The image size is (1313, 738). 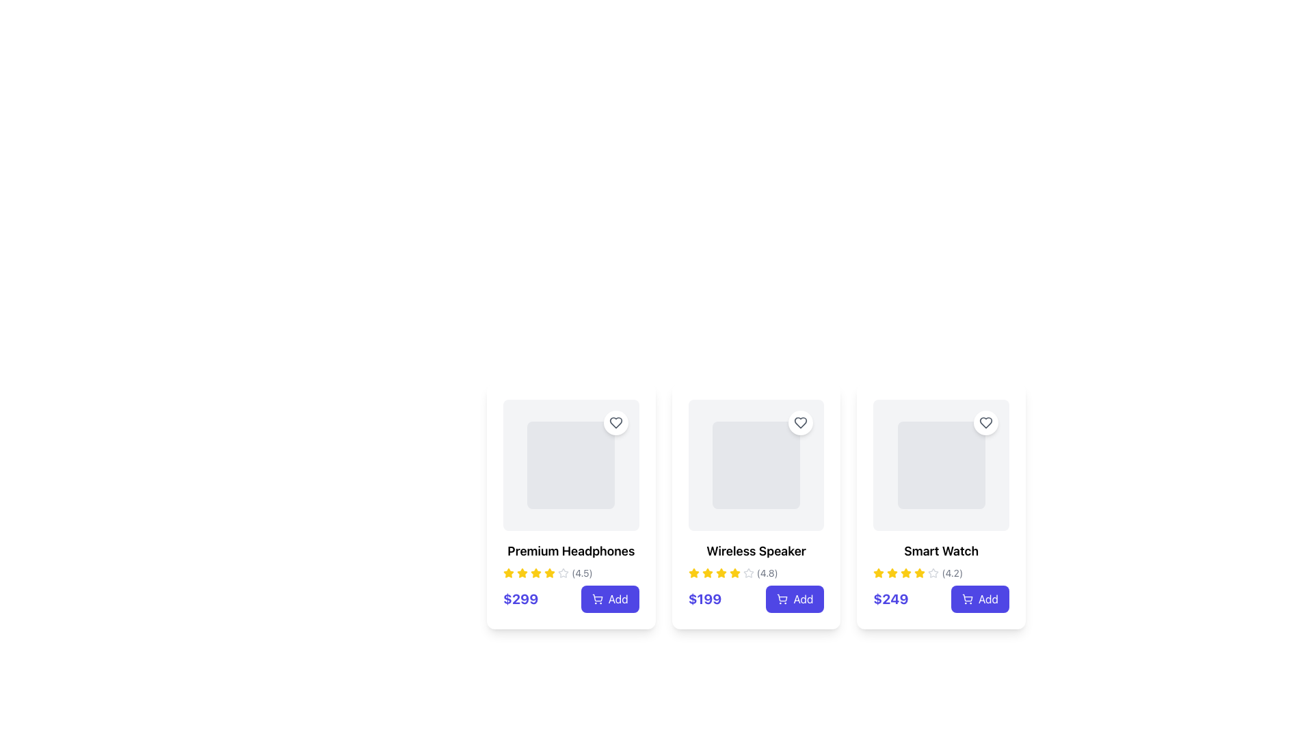 What do you see at coordinates (571, 465) in the screenshot?
I see `the central image placeholder within the leftmost card in the horizontally aligned group of cards` at bounding box center [571, 465].